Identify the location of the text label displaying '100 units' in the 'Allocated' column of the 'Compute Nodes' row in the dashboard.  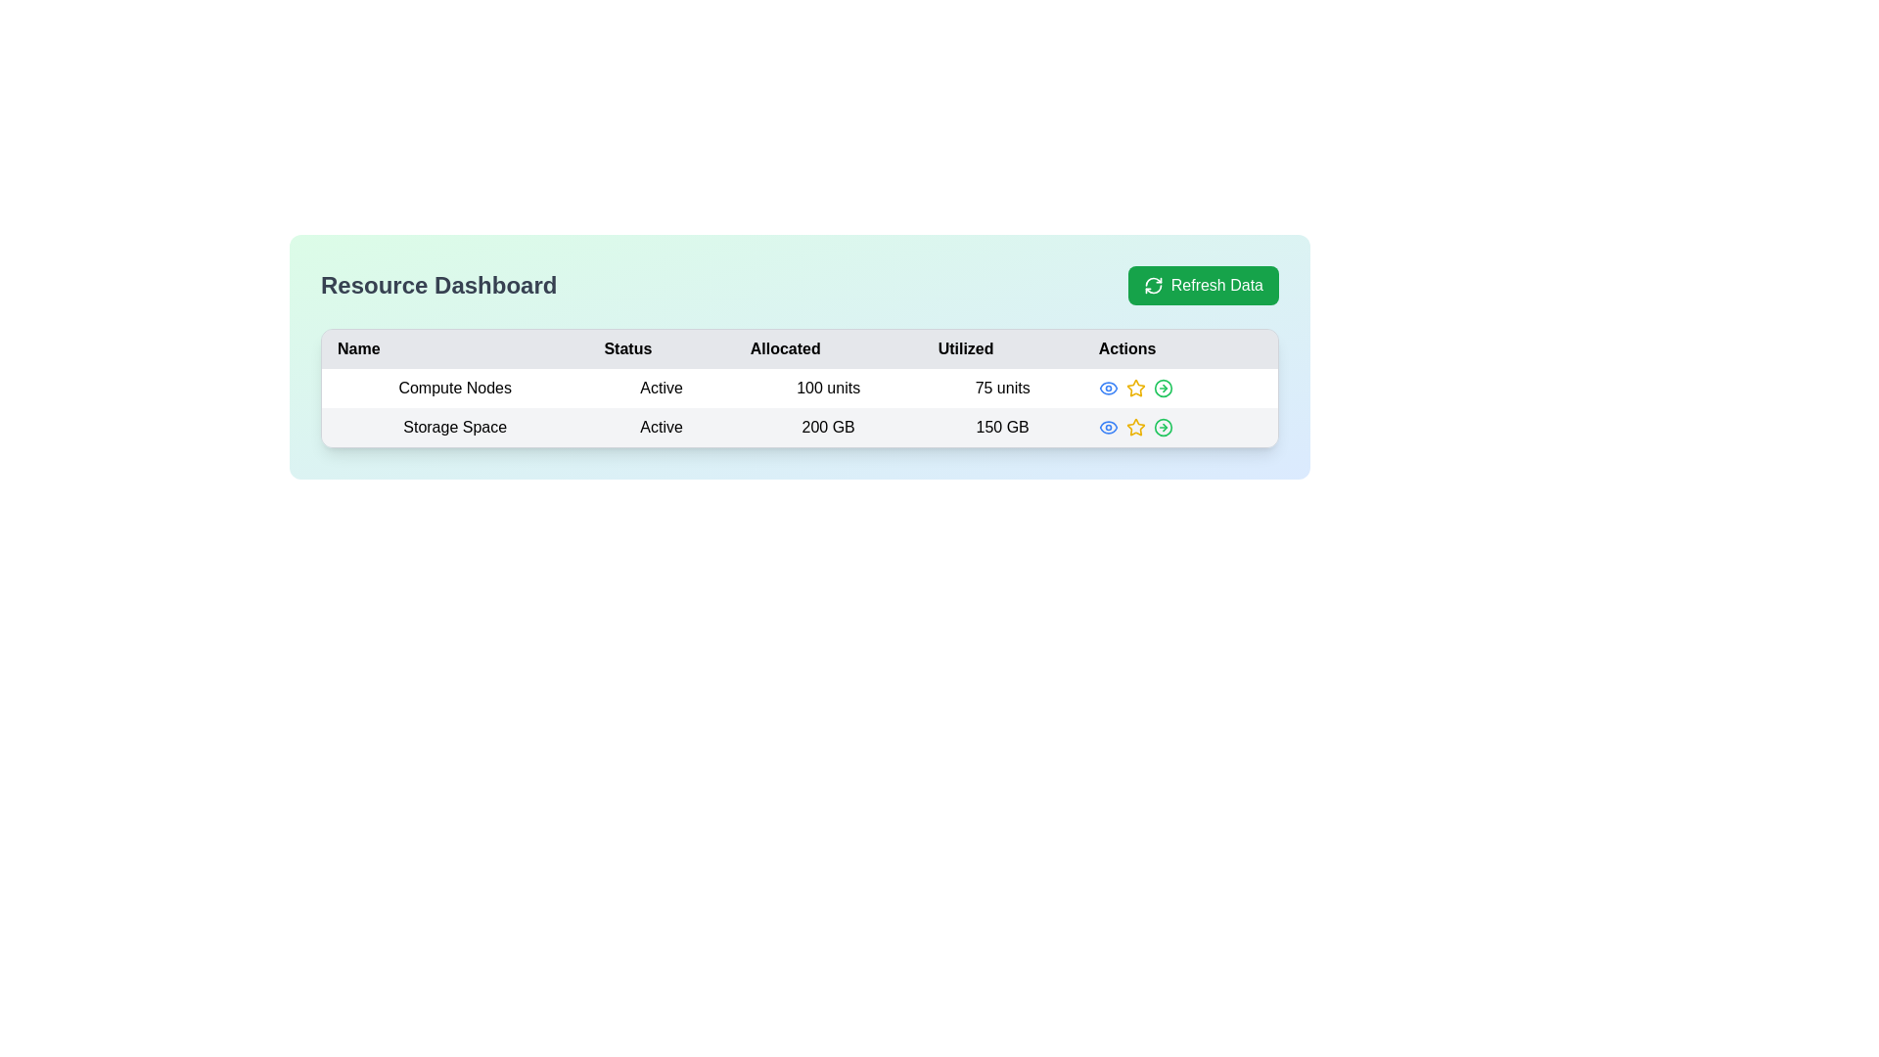
(828, 389).